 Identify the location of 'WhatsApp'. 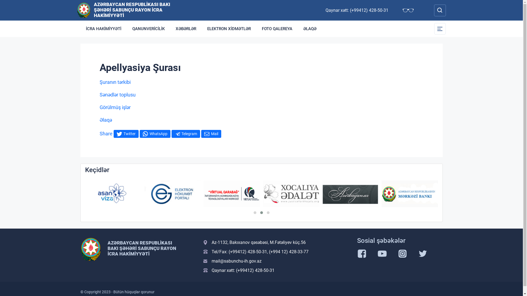
(155, 134).